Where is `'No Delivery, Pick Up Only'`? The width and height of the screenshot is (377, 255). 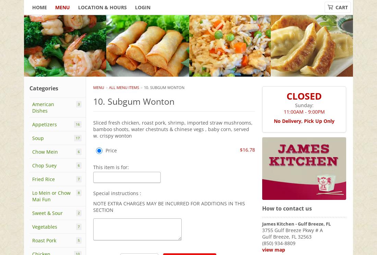 'No Delivery, Pick Up Only' is located at coordinates (274, 120).